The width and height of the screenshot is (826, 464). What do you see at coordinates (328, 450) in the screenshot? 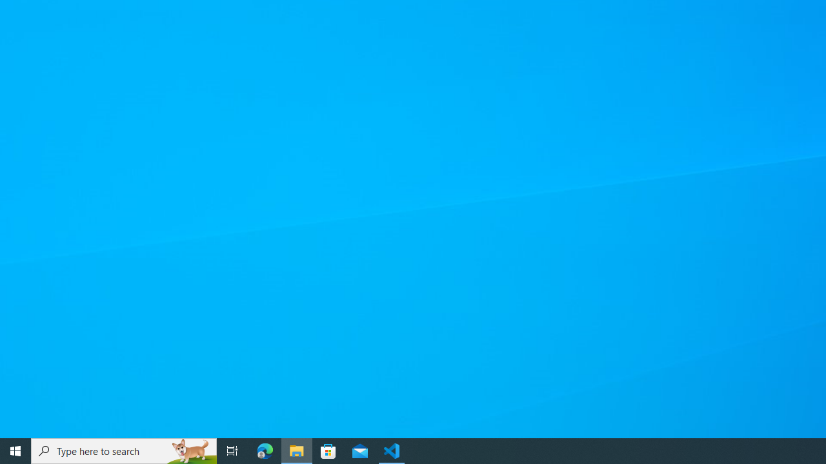
I see `'Microsoft Store'` at bounding box center [328, 450].